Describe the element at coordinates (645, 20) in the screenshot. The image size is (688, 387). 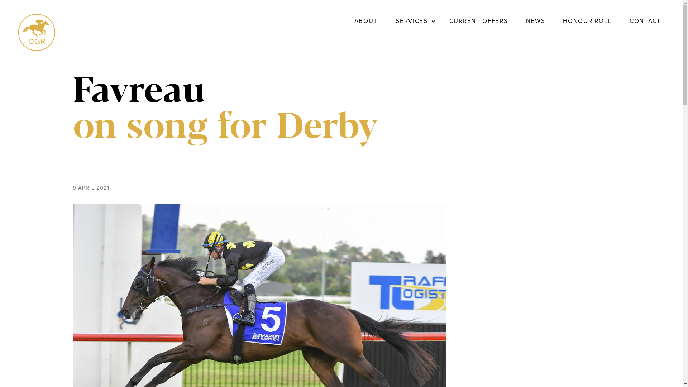
I see `'CONTACT'` at that location.